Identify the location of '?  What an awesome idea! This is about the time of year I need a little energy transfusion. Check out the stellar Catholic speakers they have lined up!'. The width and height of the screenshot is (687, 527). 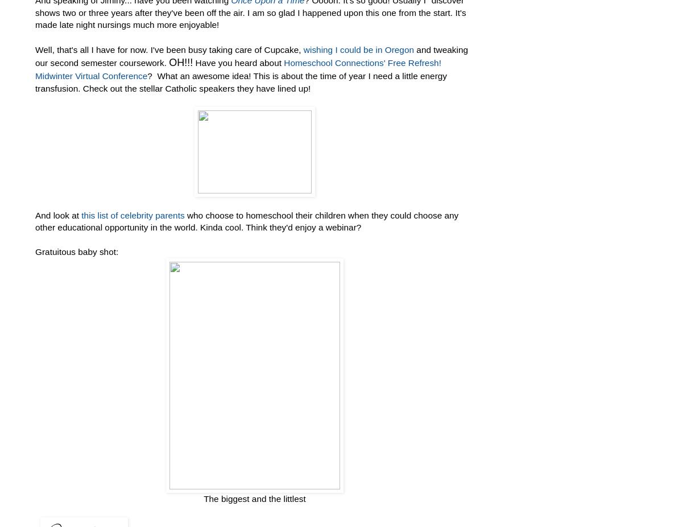
(34, 81).